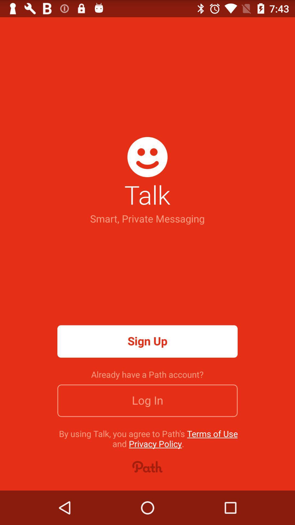 This screenshot has width=295, height=525. Describe the element at coordinates (147, 341) in the screenshot. I see `app above the already have a icon` at that location.